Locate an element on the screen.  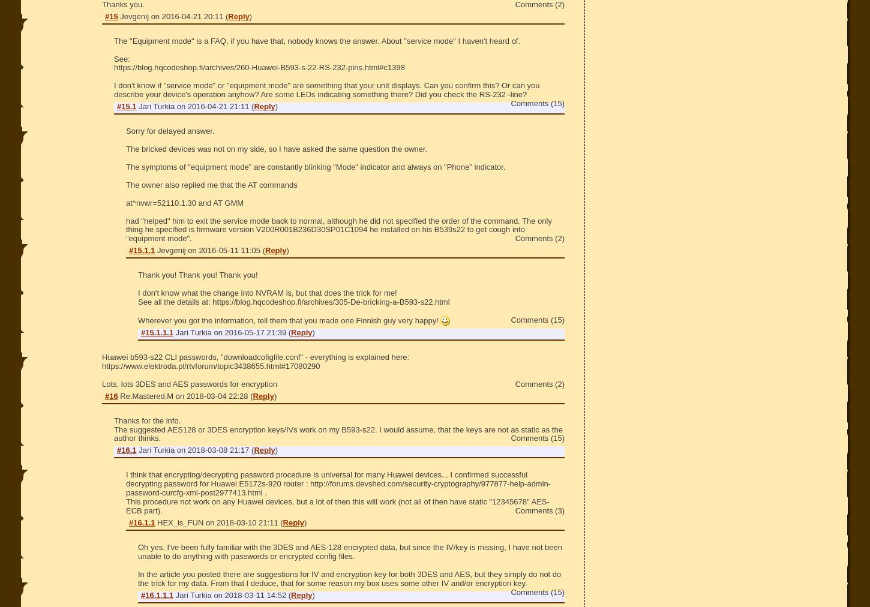
'Lots, lots 3DES and AES passwords for encryption' is located at coordinates (189, 383).